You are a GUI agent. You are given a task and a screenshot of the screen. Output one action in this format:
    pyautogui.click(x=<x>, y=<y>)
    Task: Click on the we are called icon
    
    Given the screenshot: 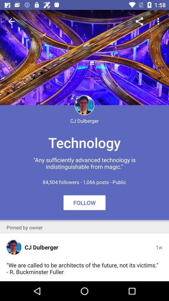 What is the action you would take?
    pyautogui.click(x=83, y=268)
    